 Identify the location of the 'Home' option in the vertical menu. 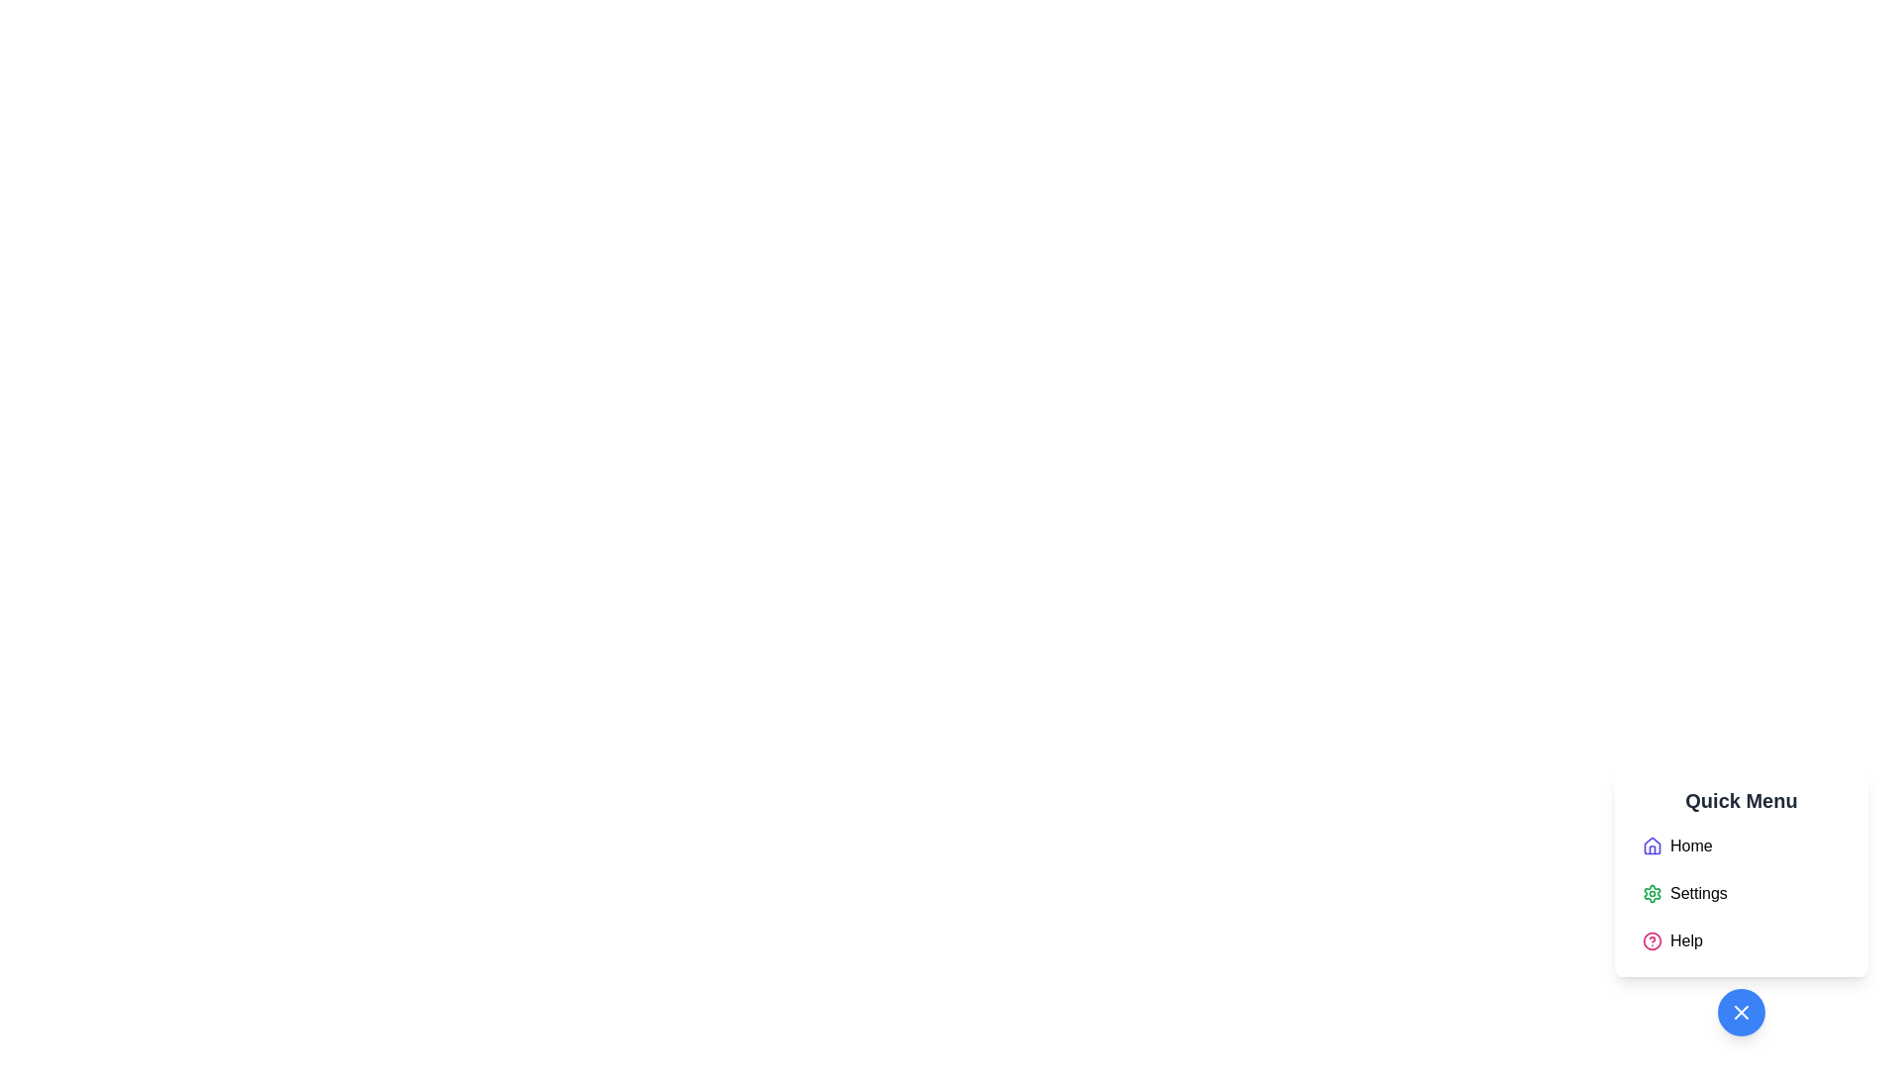
(1742, 845).